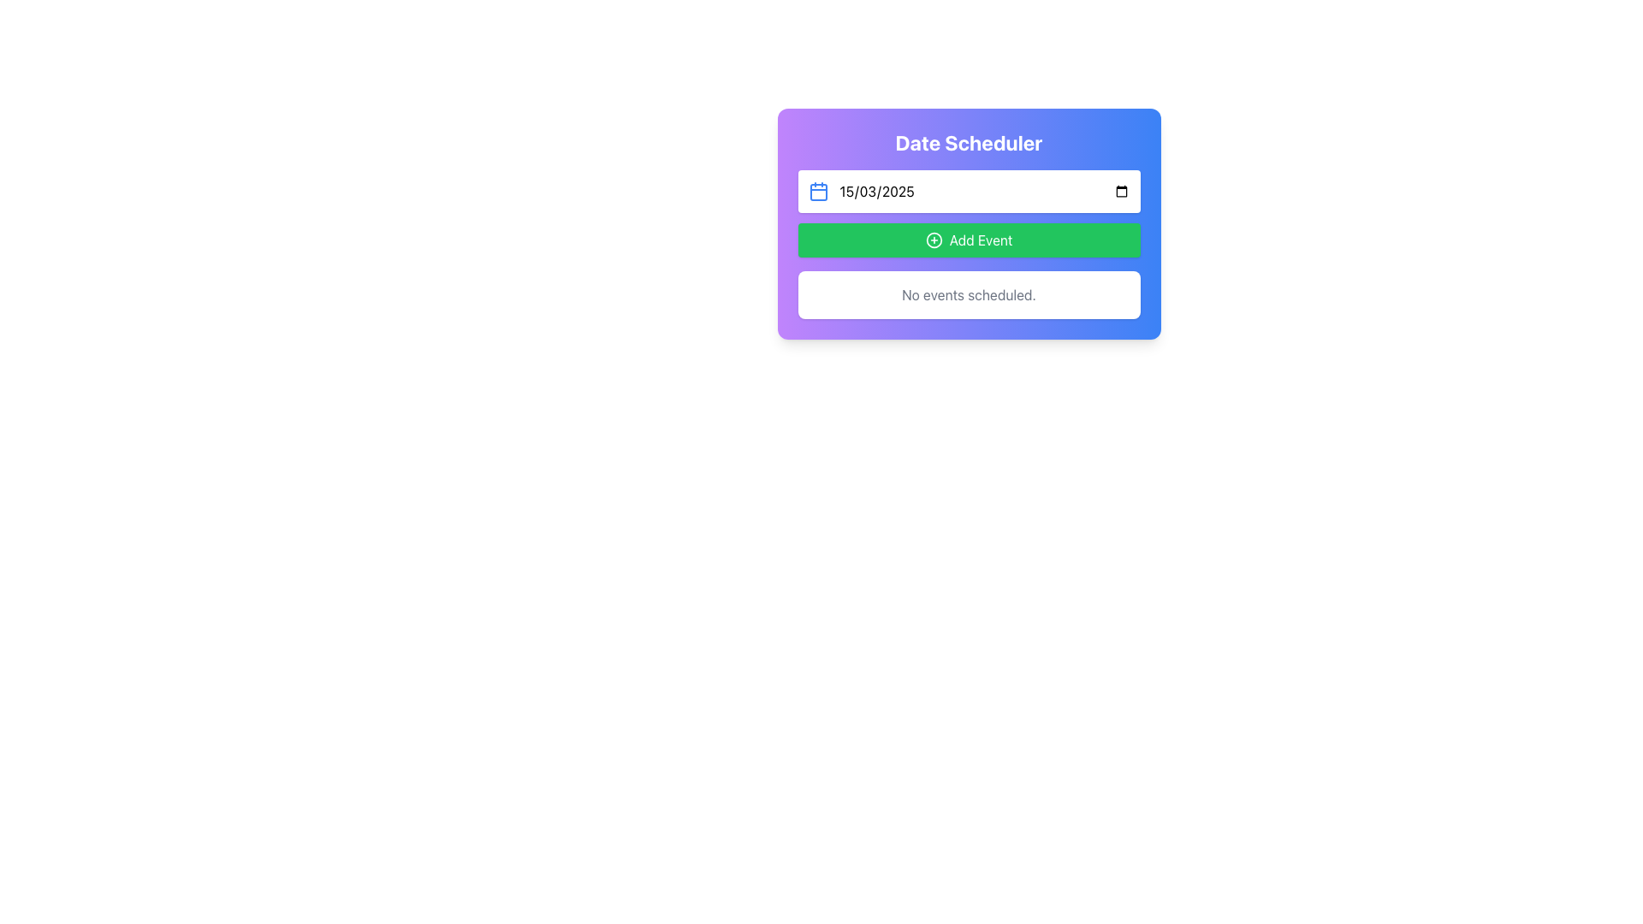 Image resolution: width=1643 pixels, height=924 pixels. What do you see at coordinates (933, 240) in the screenshot?
I see `the circular outline icon located at the top center of the green 'Add Event' button, which indicates an interactive purpose for adding or expanding events` at bounding box center [933, 240].